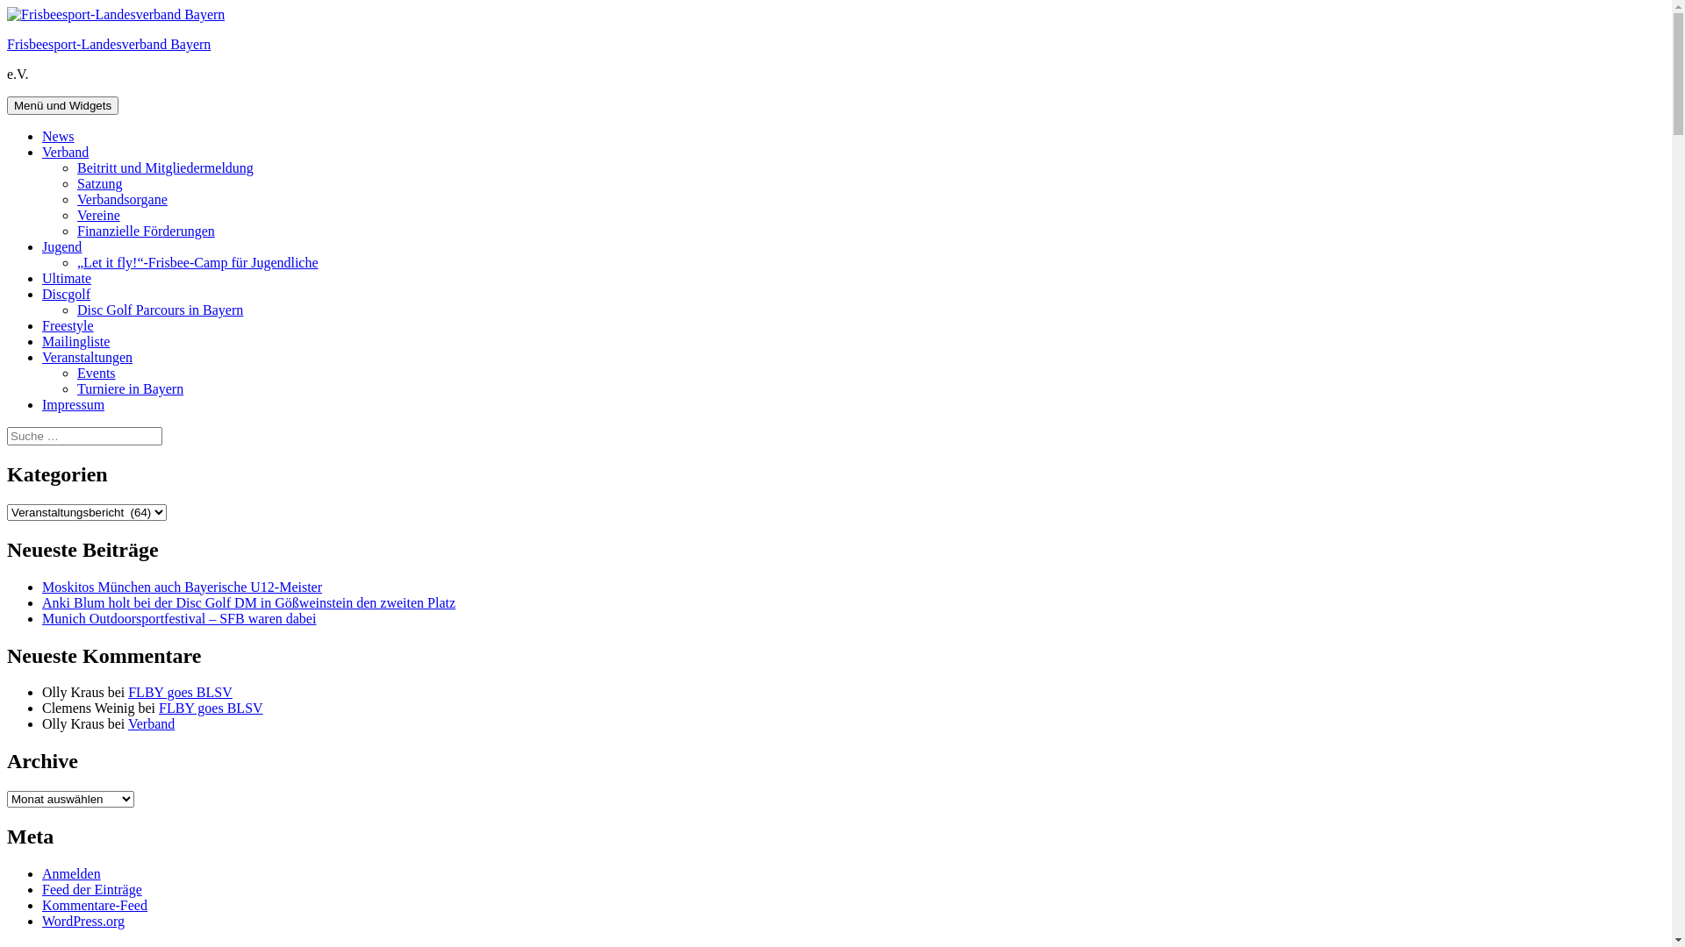  What do you see at coordinates (211, 707) in the screenshot?
I see `'FLBY goes BLSV'` at bounding box center [211, 707].